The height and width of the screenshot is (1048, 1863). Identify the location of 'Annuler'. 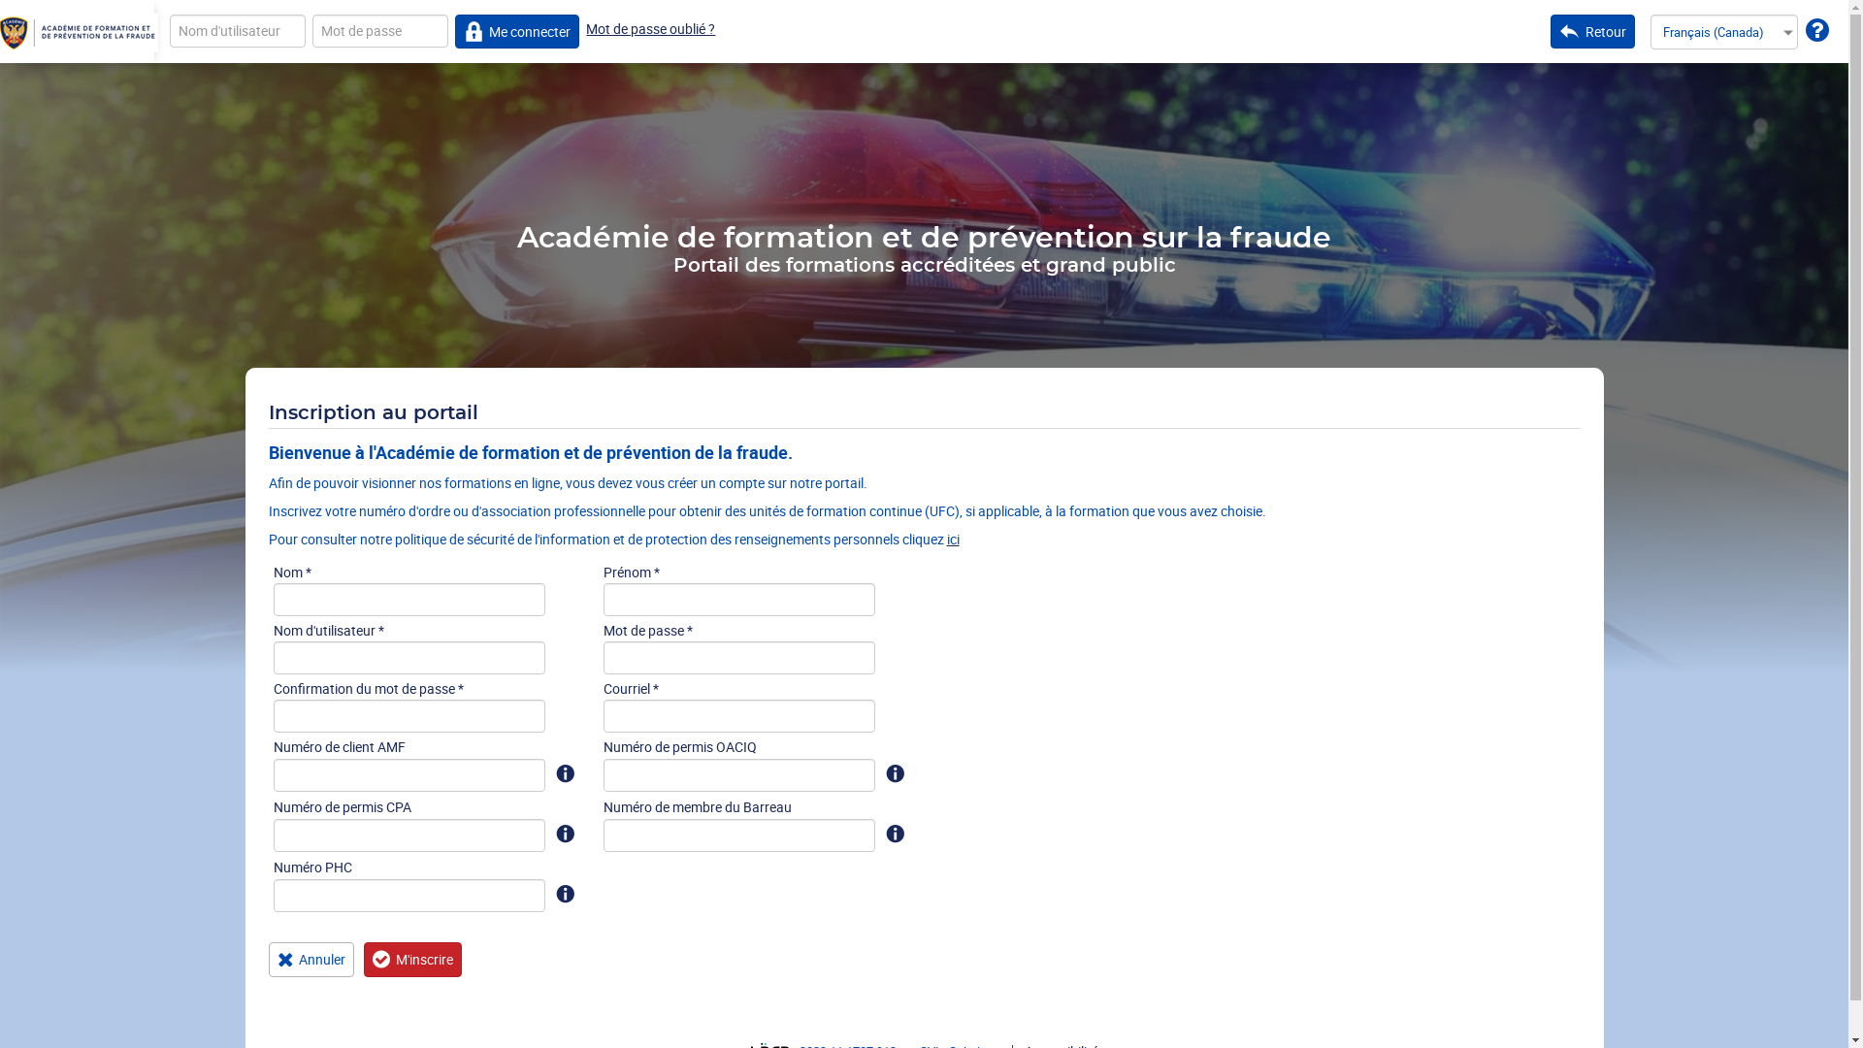
(266, 958).